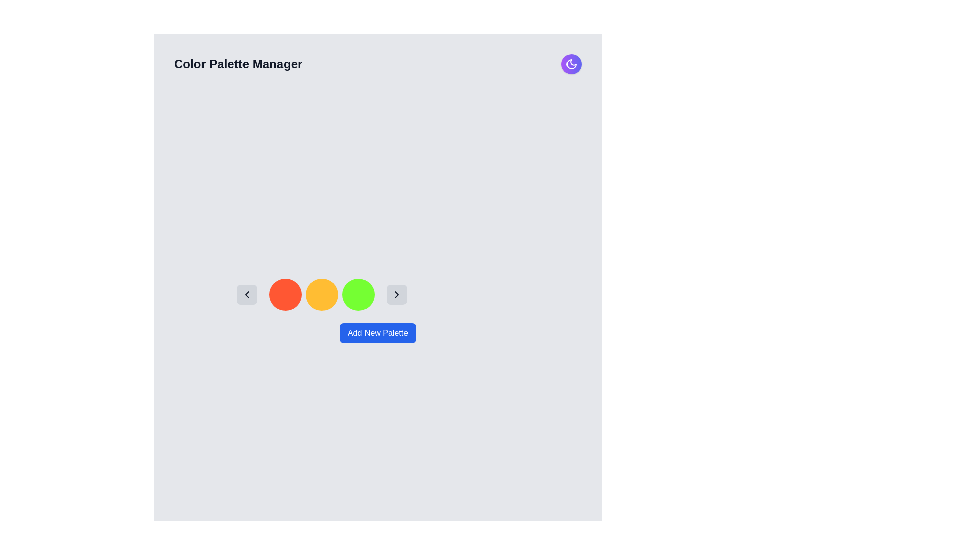 The width and height of the screenshot is (972, 546). Describe the element at coordinates (237, 64) in the screenshot. I see `the title text element that serves as a heading, located at the top-left of the interface before a circular gradient button` at that location.